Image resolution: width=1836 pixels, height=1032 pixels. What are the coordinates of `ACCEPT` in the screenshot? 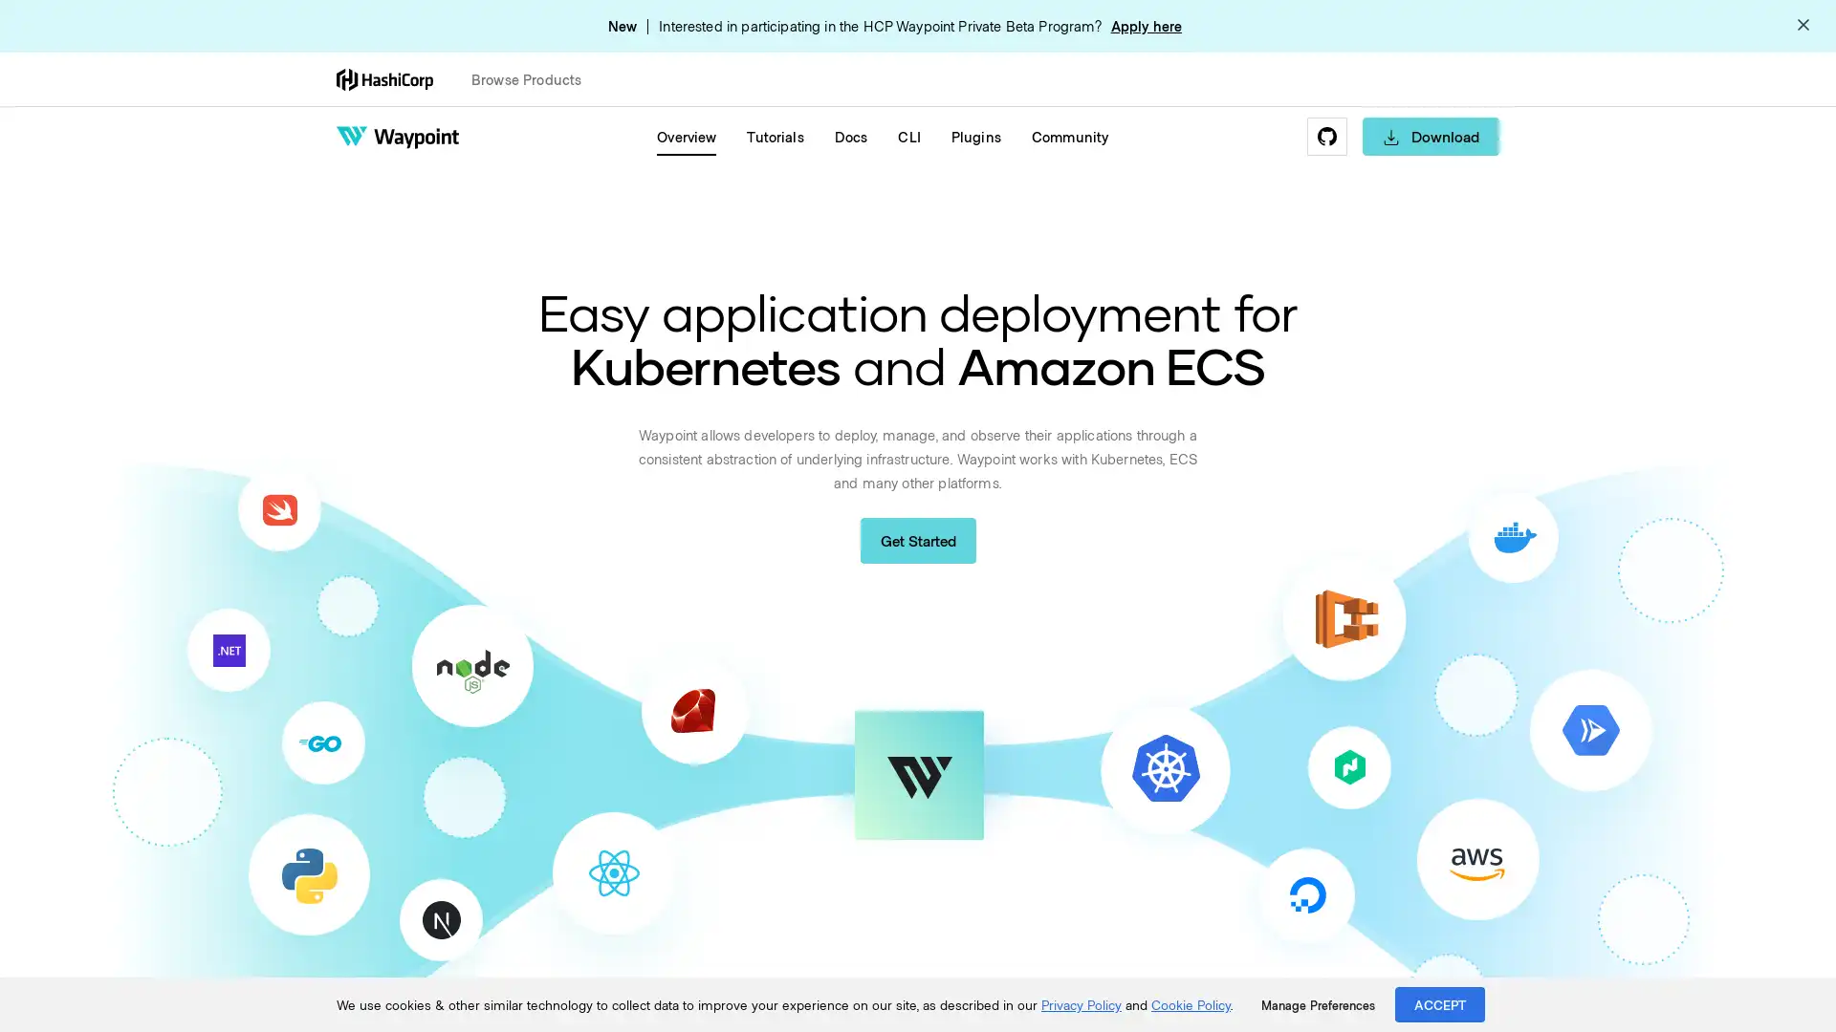 It's located at (1440, 1003).